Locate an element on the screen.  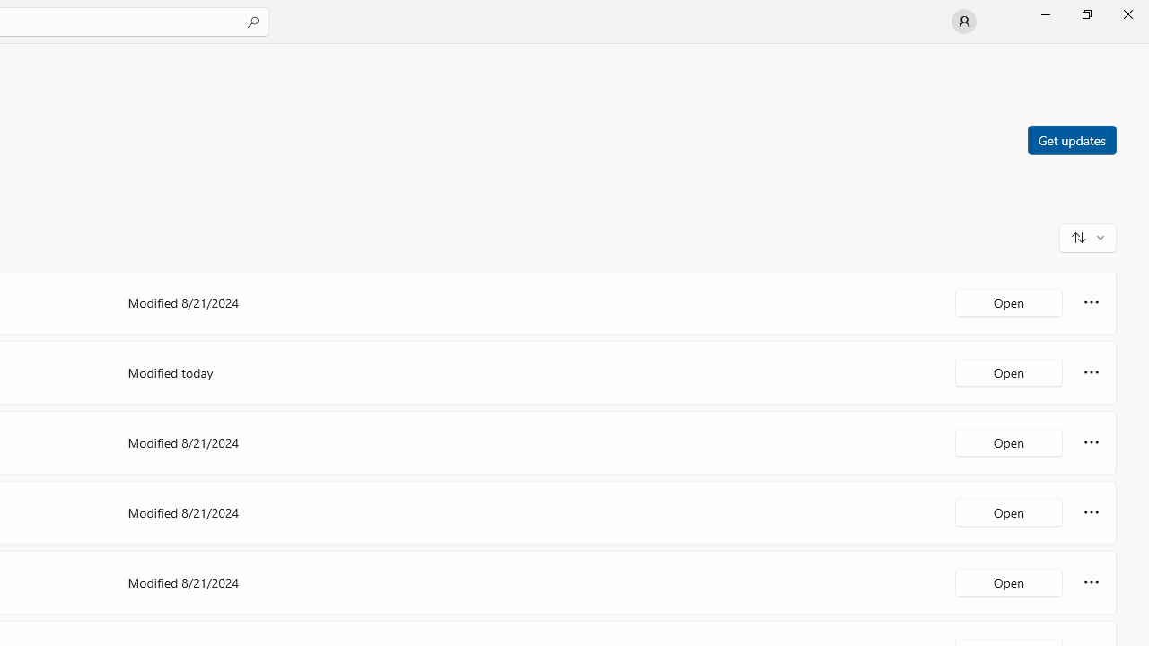
'Close Microsoft Store' is located at coordinates (1127, 13).